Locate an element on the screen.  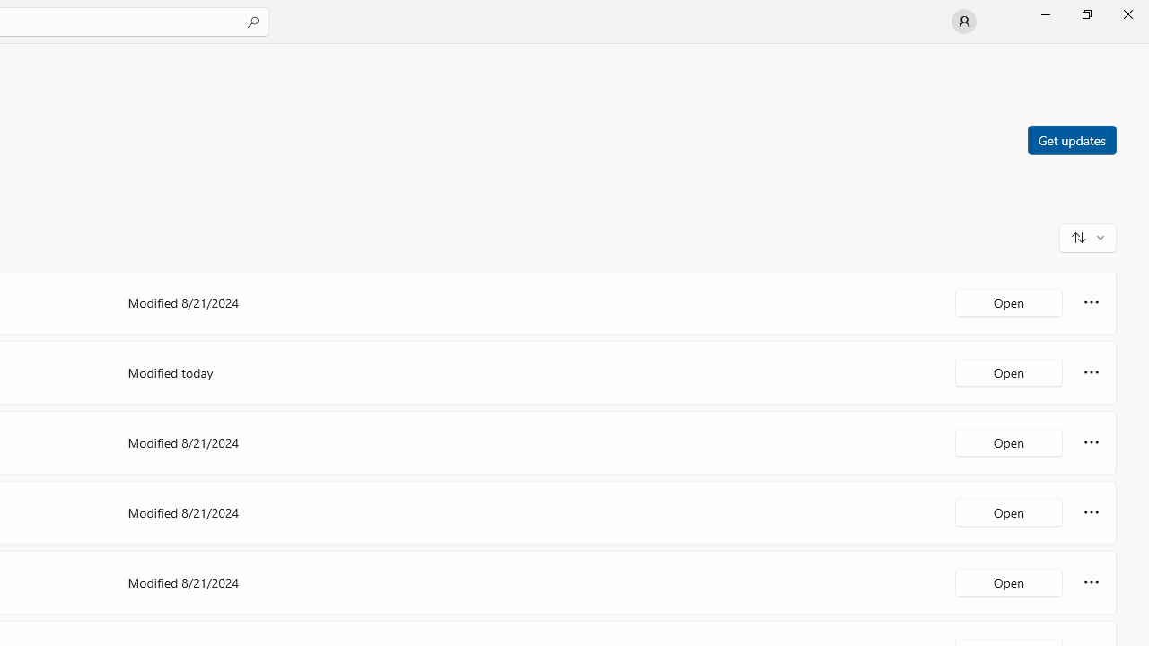
'Close Microsoft Store' is located at coordinates (1127, 13).